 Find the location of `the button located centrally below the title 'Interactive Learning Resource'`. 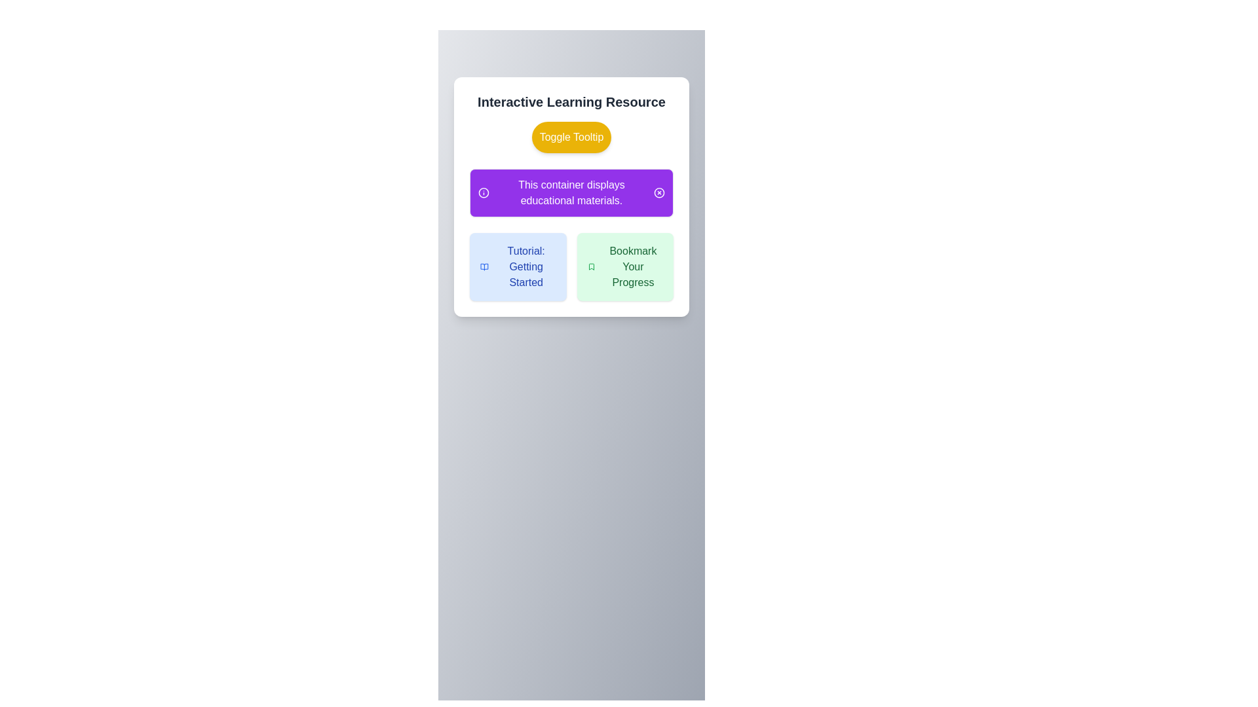

the button located centrally below the title 'Interactive Learning Resource' is located at coordinates (571, 137).